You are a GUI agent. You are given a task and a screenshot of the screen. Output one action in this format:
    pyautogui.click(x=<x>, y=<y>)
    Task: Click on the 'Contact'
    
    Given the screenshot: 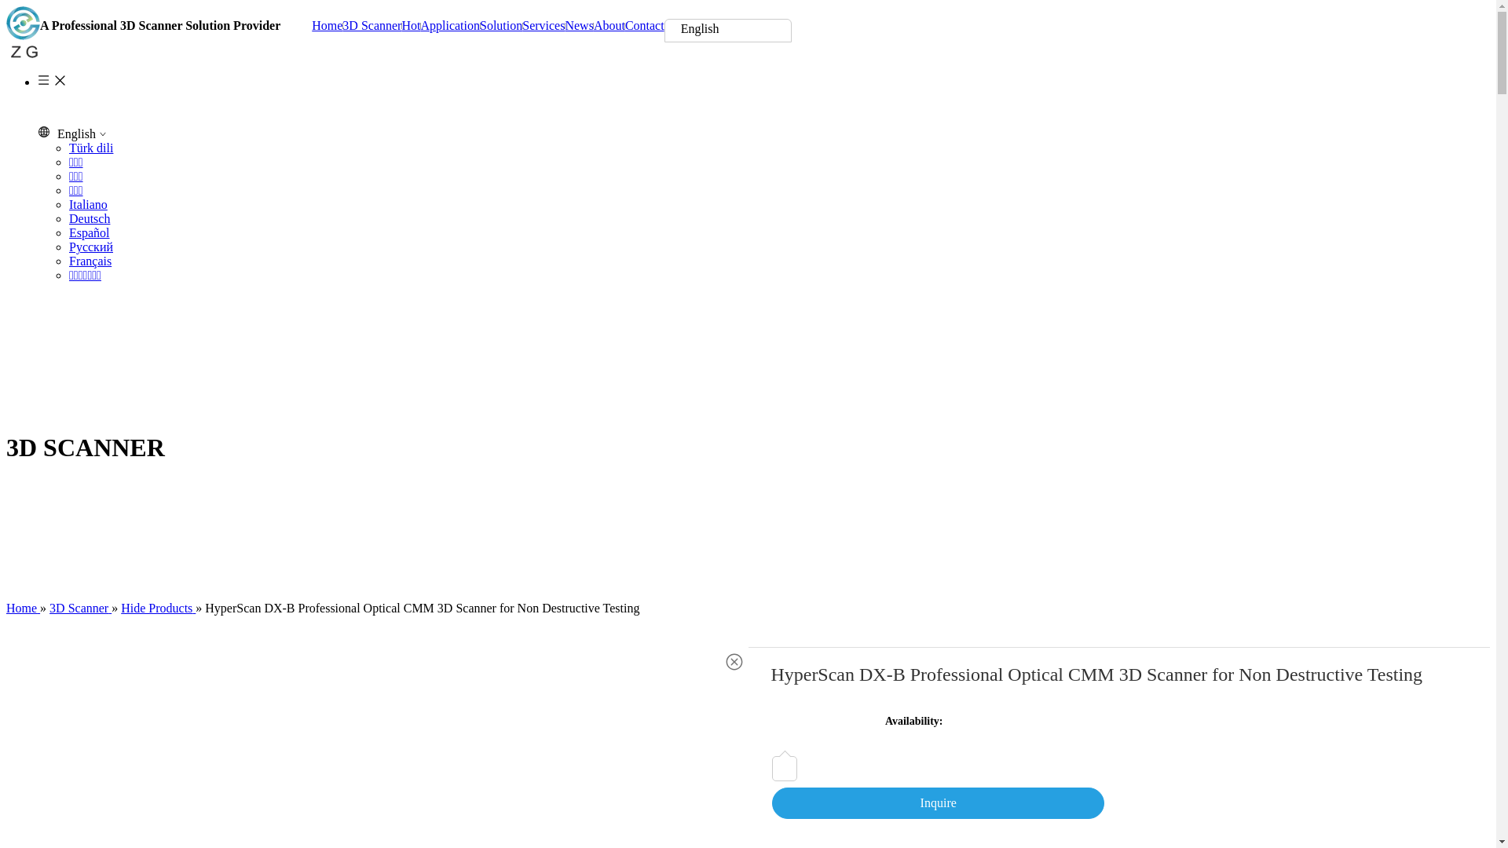 What is the action you would take?
    pyautogui.click(x=644, y=26)
    